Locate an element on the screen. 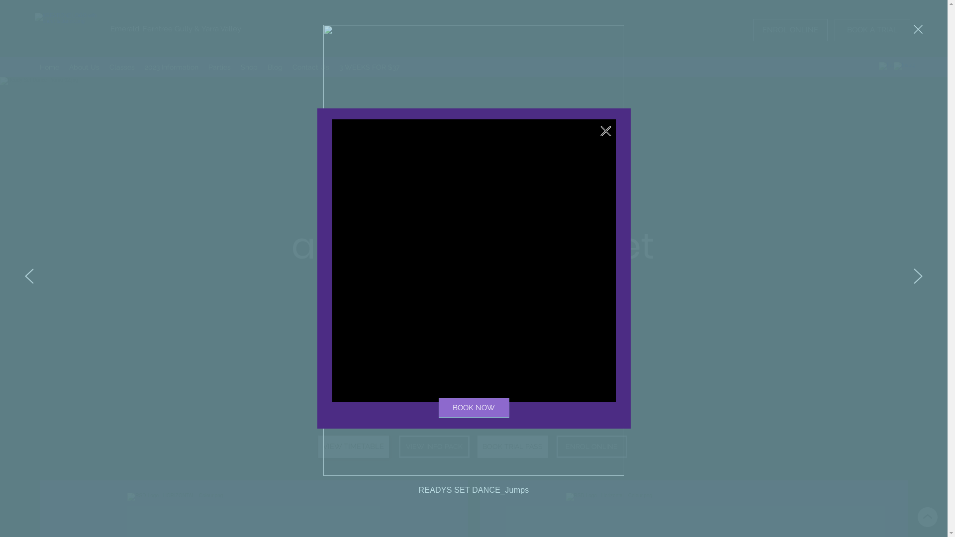 Image resolution: width=955 pixels, height=537 pixels. 'Back to site' is located at coordinates (598, 130).